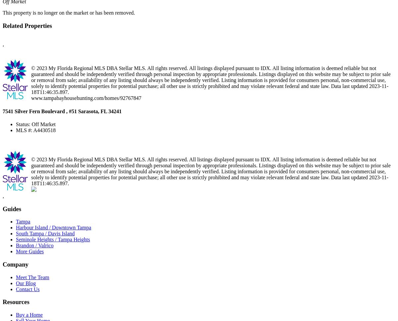 The height and width of the screenshot is (321, 398). Describe the element at coordinates (12, 208) in the screenshot. I see `'Guides'` at that location.